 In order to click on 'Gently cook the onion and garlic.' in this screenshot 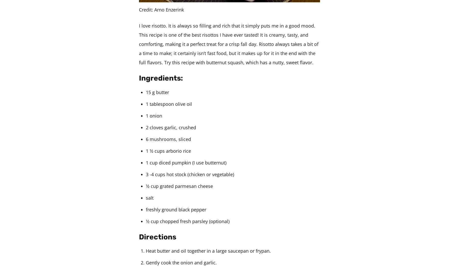, I will do `click(181, 262)`.